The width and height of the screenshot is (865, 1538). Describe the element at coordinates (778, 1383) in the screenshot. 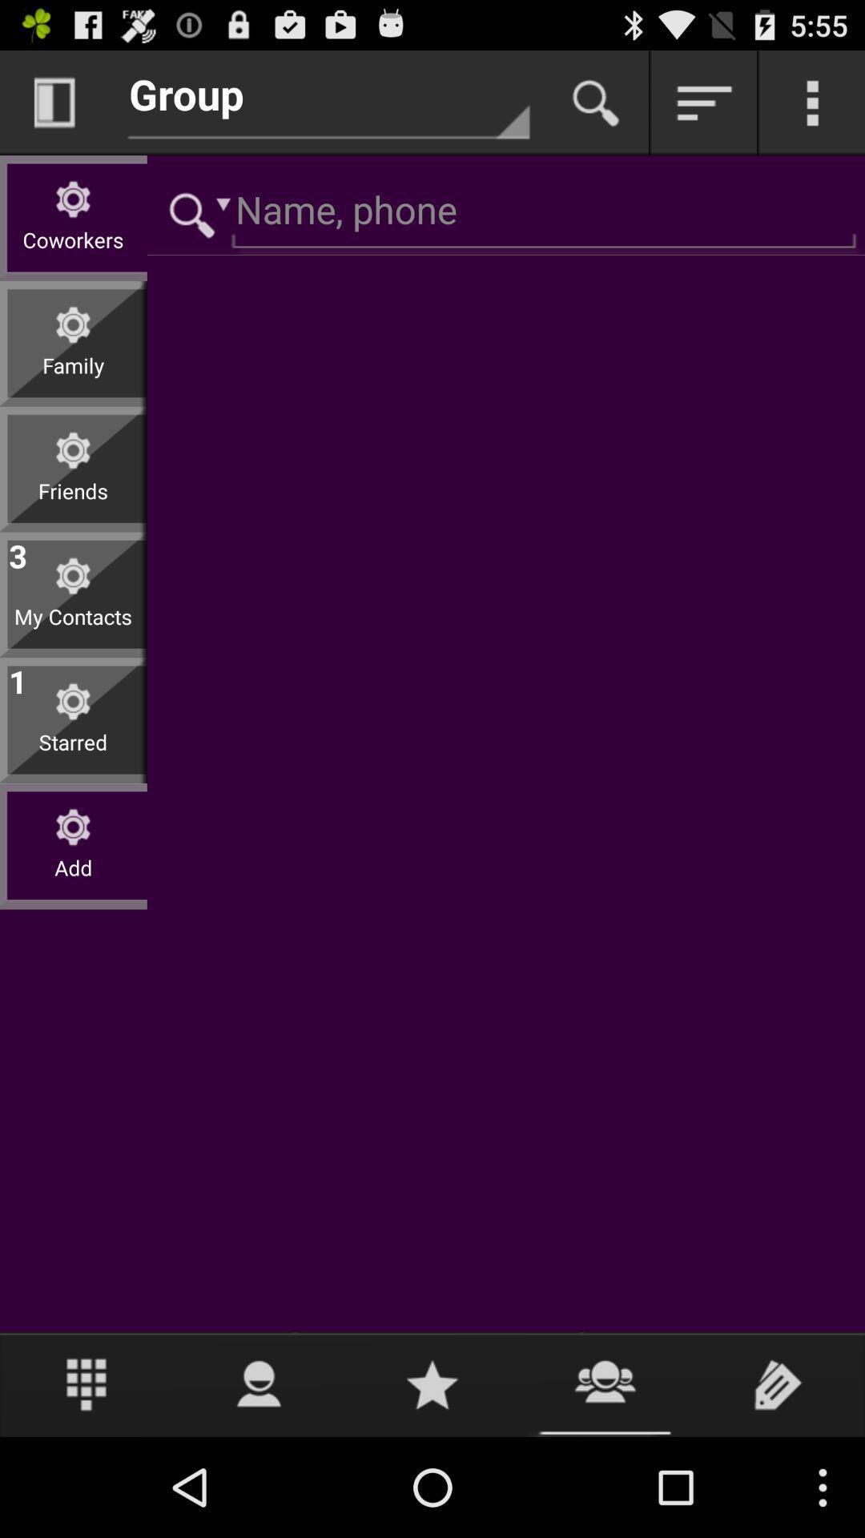

I see `write text` at that location.